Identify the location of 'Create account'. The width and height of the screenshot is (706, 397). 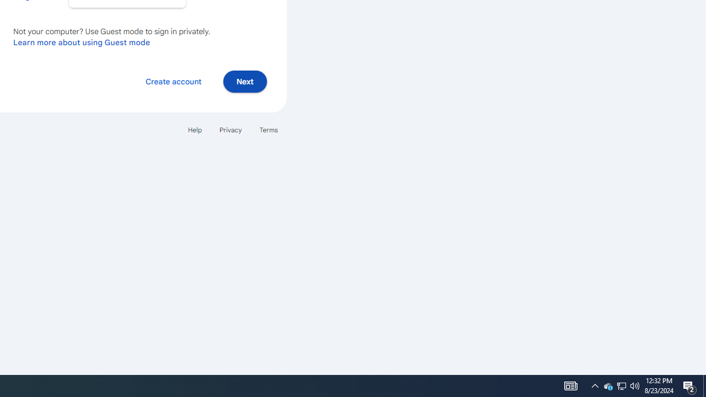
(173, 81).